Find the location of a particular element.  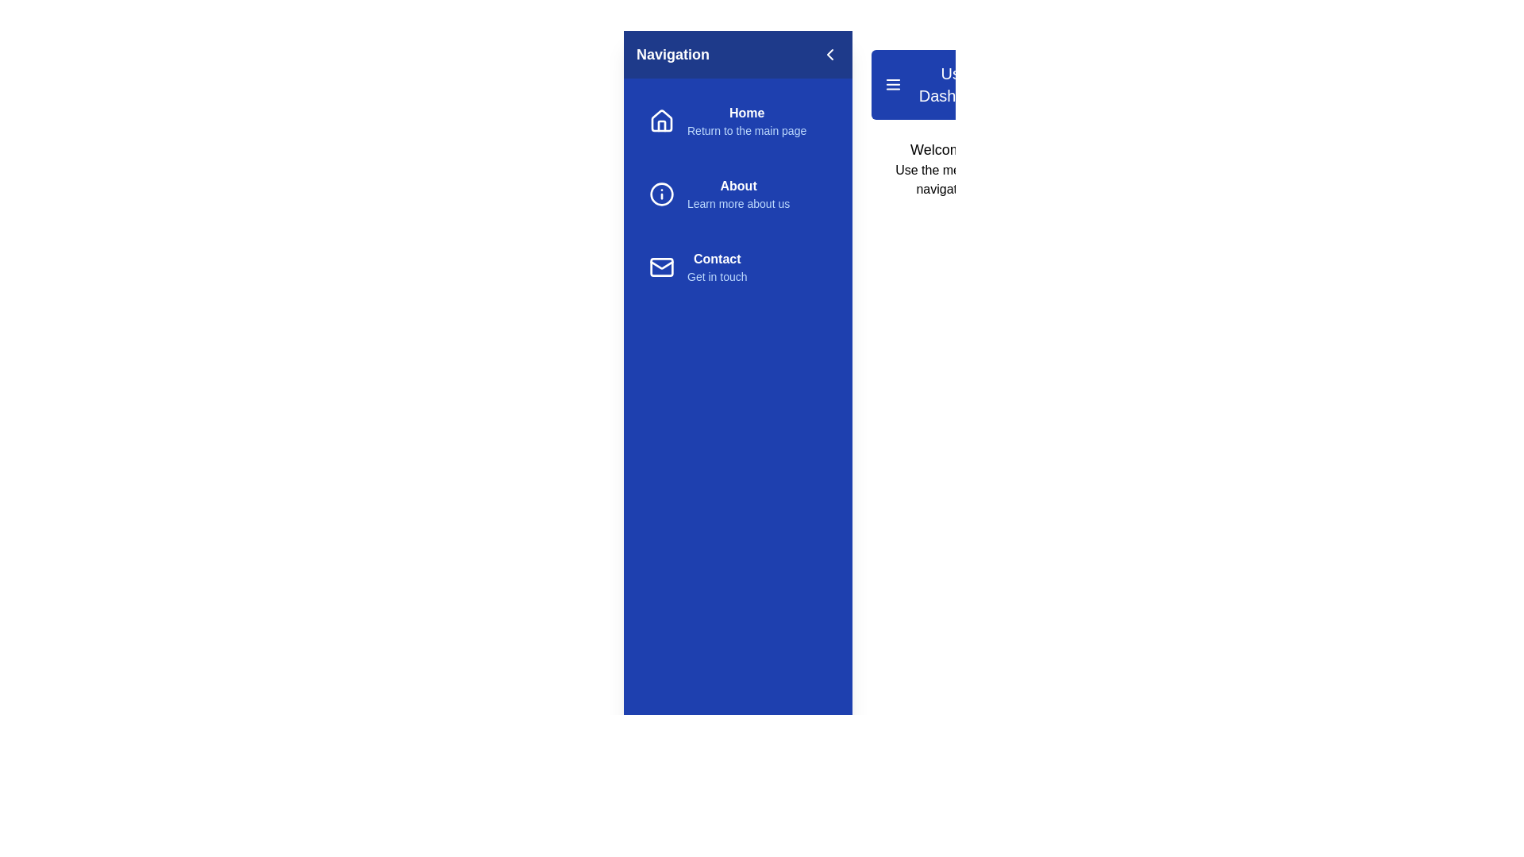

the menu item Contact to see its visual feedback is located at coordinates (737, 266).